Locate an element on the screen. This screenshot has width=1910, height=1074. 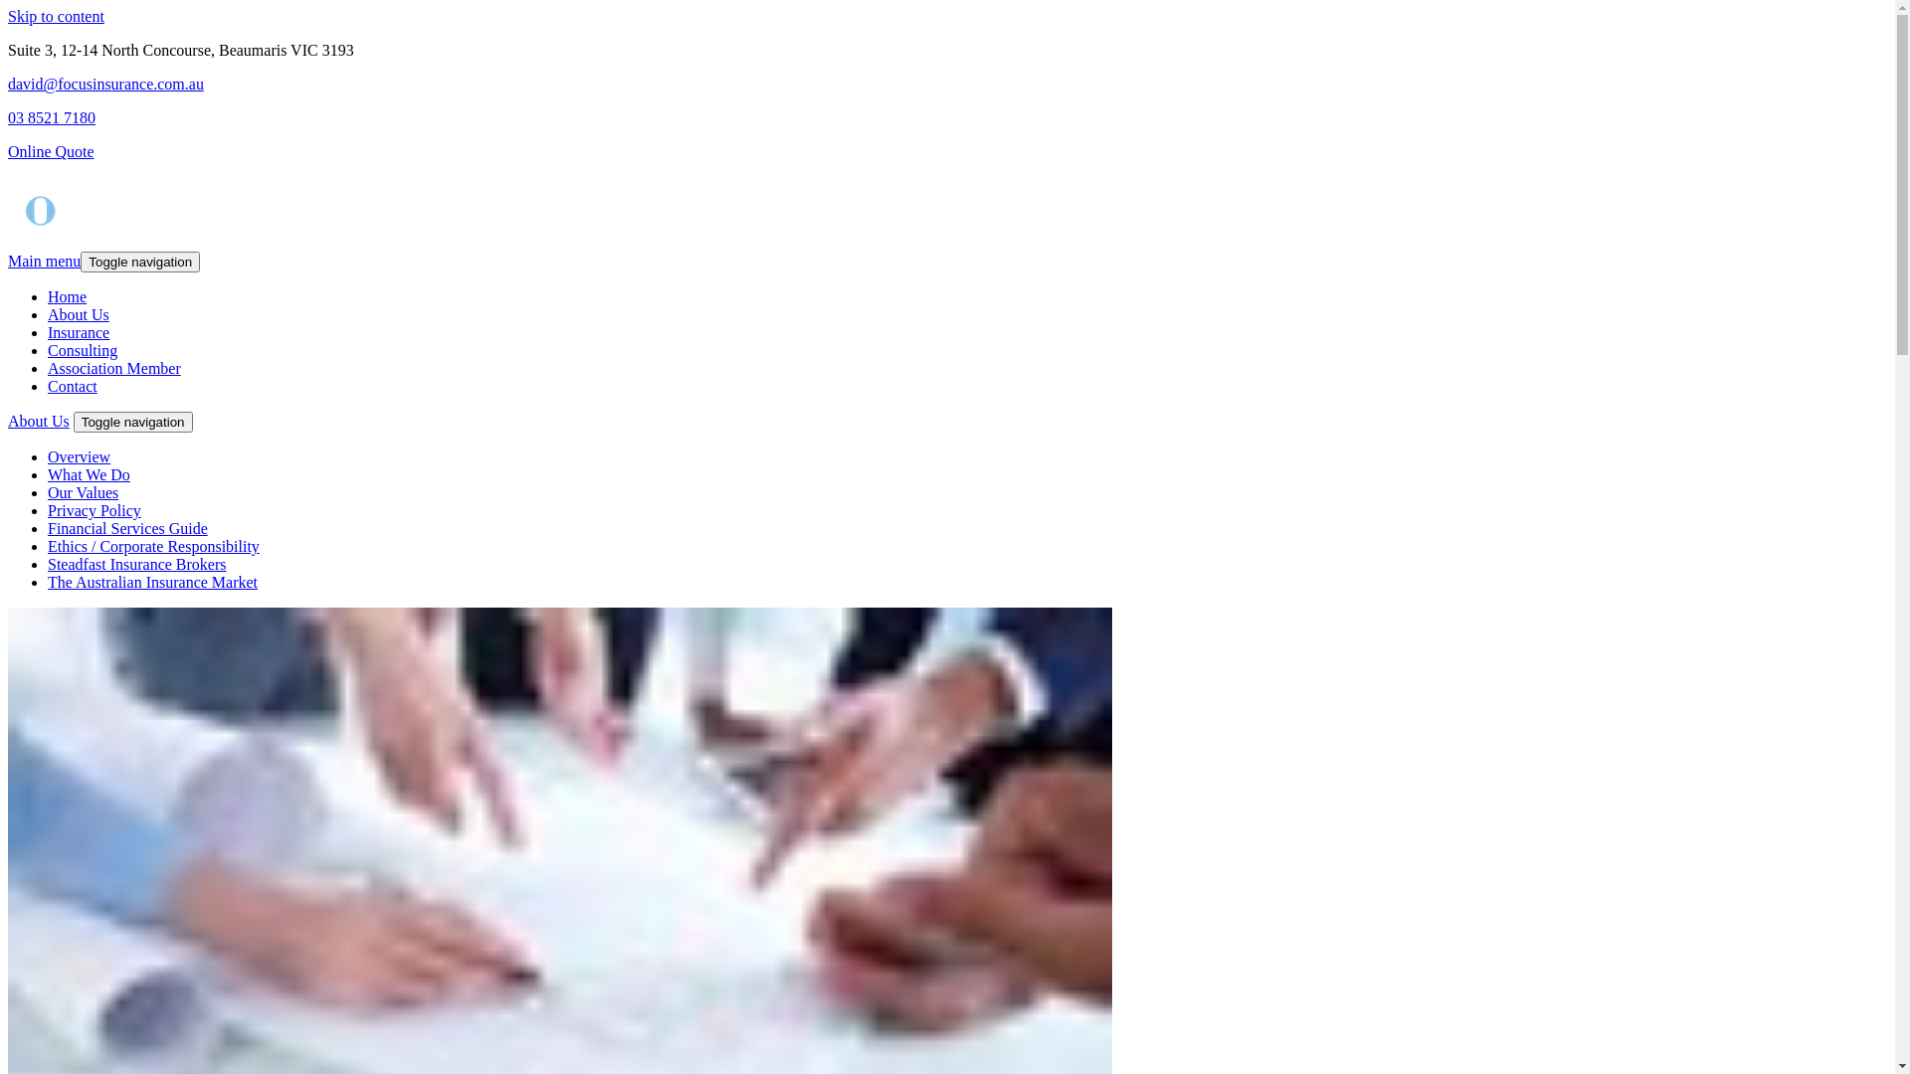
'Online Quote' is located at coordinates (51, 150).